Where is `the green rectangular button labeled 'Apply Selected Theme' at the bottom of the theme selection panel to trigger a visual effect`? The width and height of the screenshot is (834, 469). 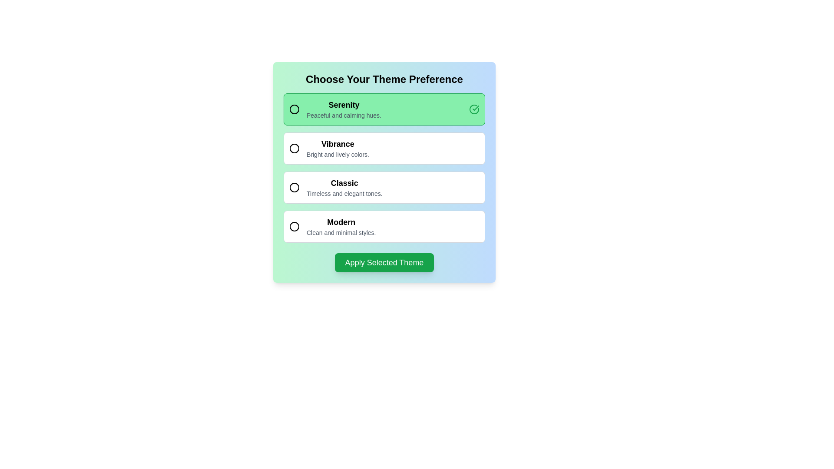 the green rectangular button labeled 'Apply Selected Theme' at the bottom of the theme selection panel to trigger a visual effect is located at coordinates (384, 262).